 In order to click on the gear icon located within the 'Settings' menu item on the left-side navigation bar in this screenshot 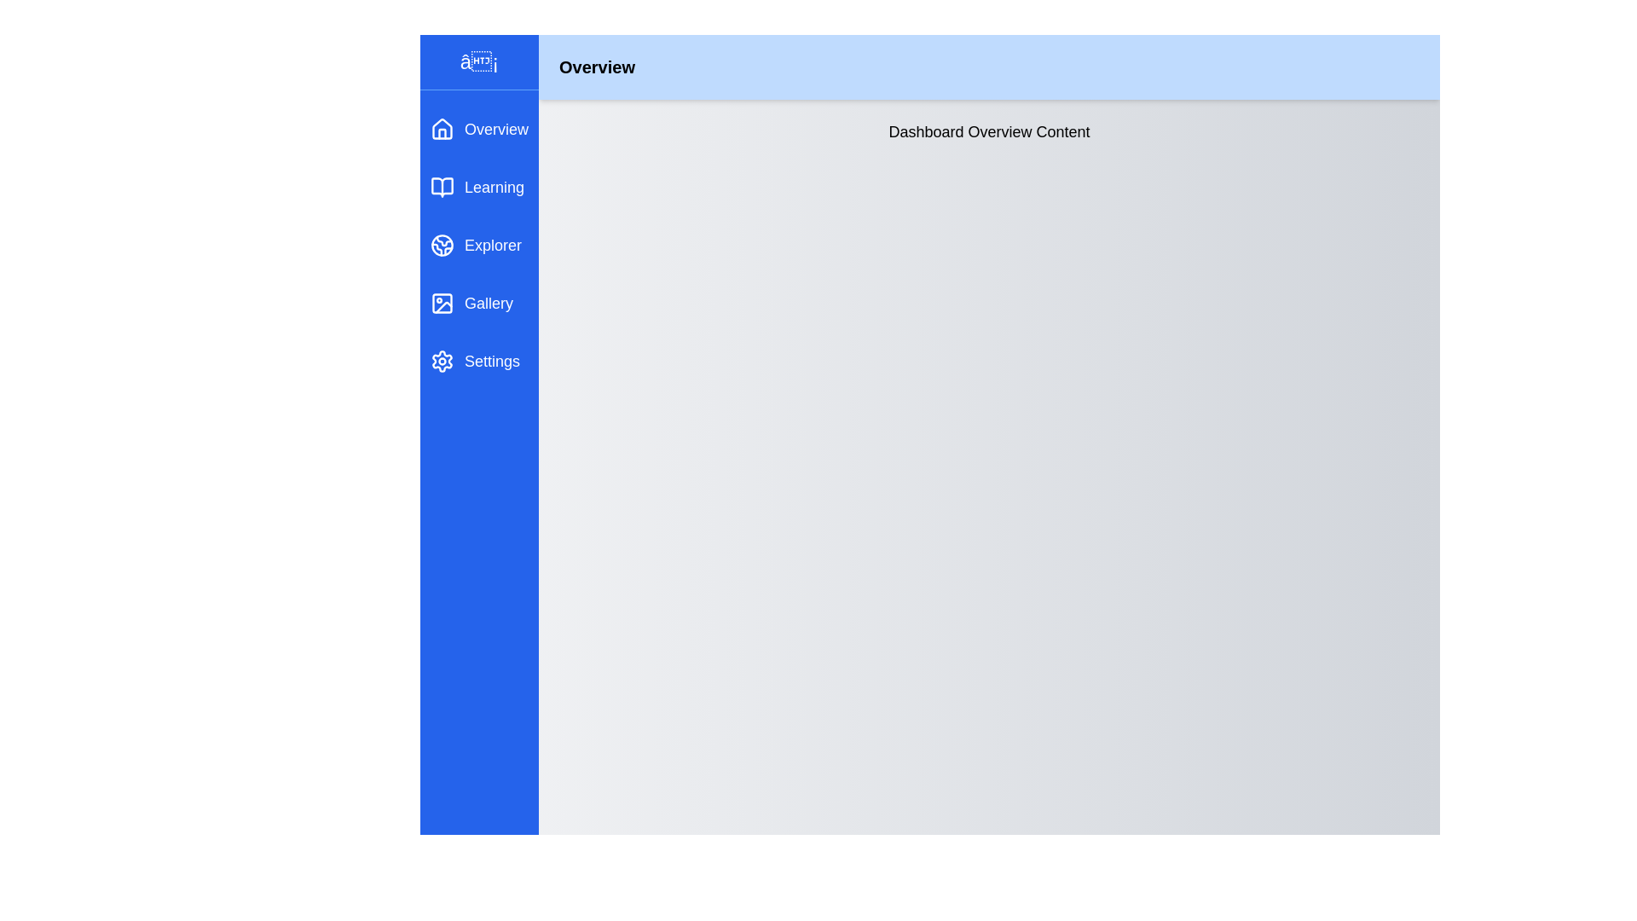, I will do `click(442, 361)`.